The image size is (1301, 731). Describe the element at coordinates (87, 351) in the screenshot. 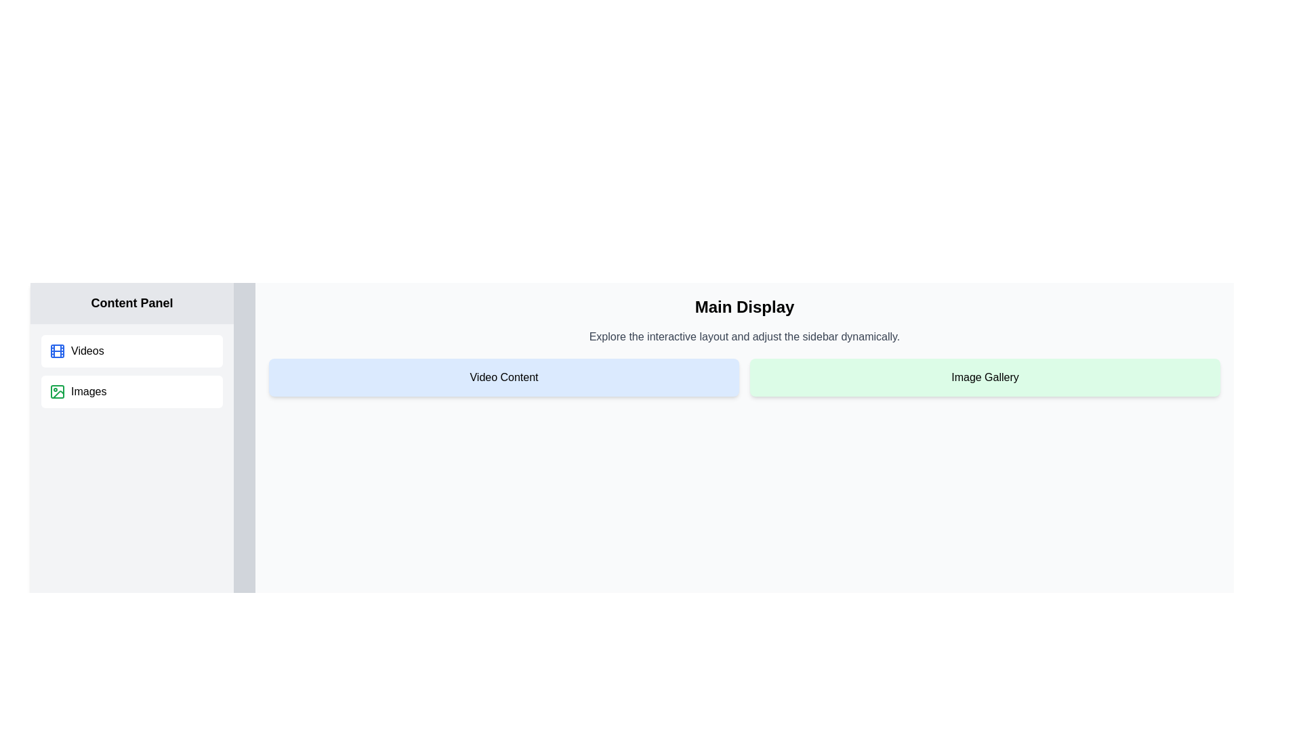

I see `over the text element displaying 'Videos' in the left sidebar of the Content Panel, which is located above the 'Images' item and next` at that location.